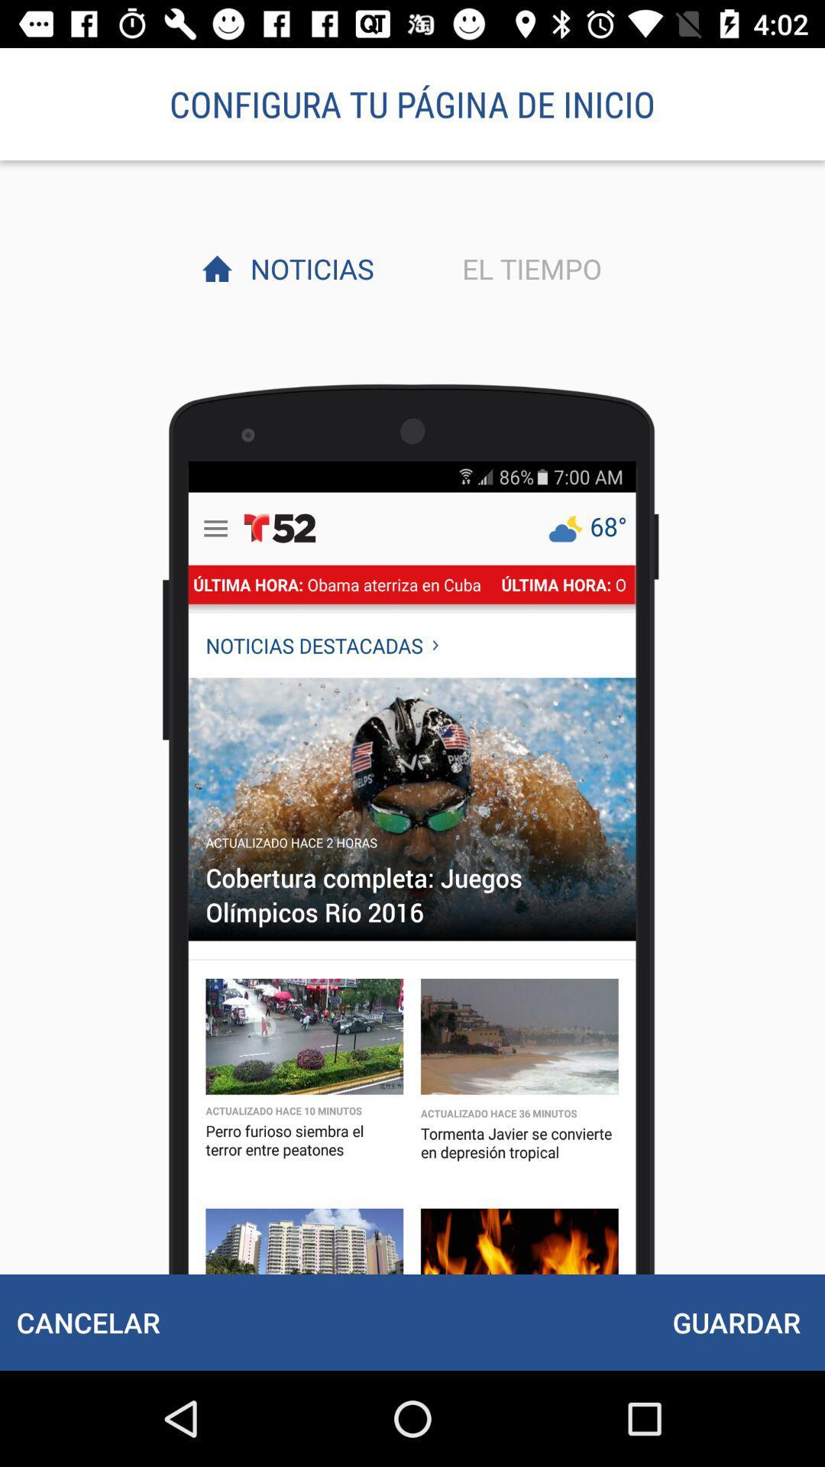 This screenshot has height=1467, width=825. I want to click on the item to the left of the el tiempo item, so click(308, 268).